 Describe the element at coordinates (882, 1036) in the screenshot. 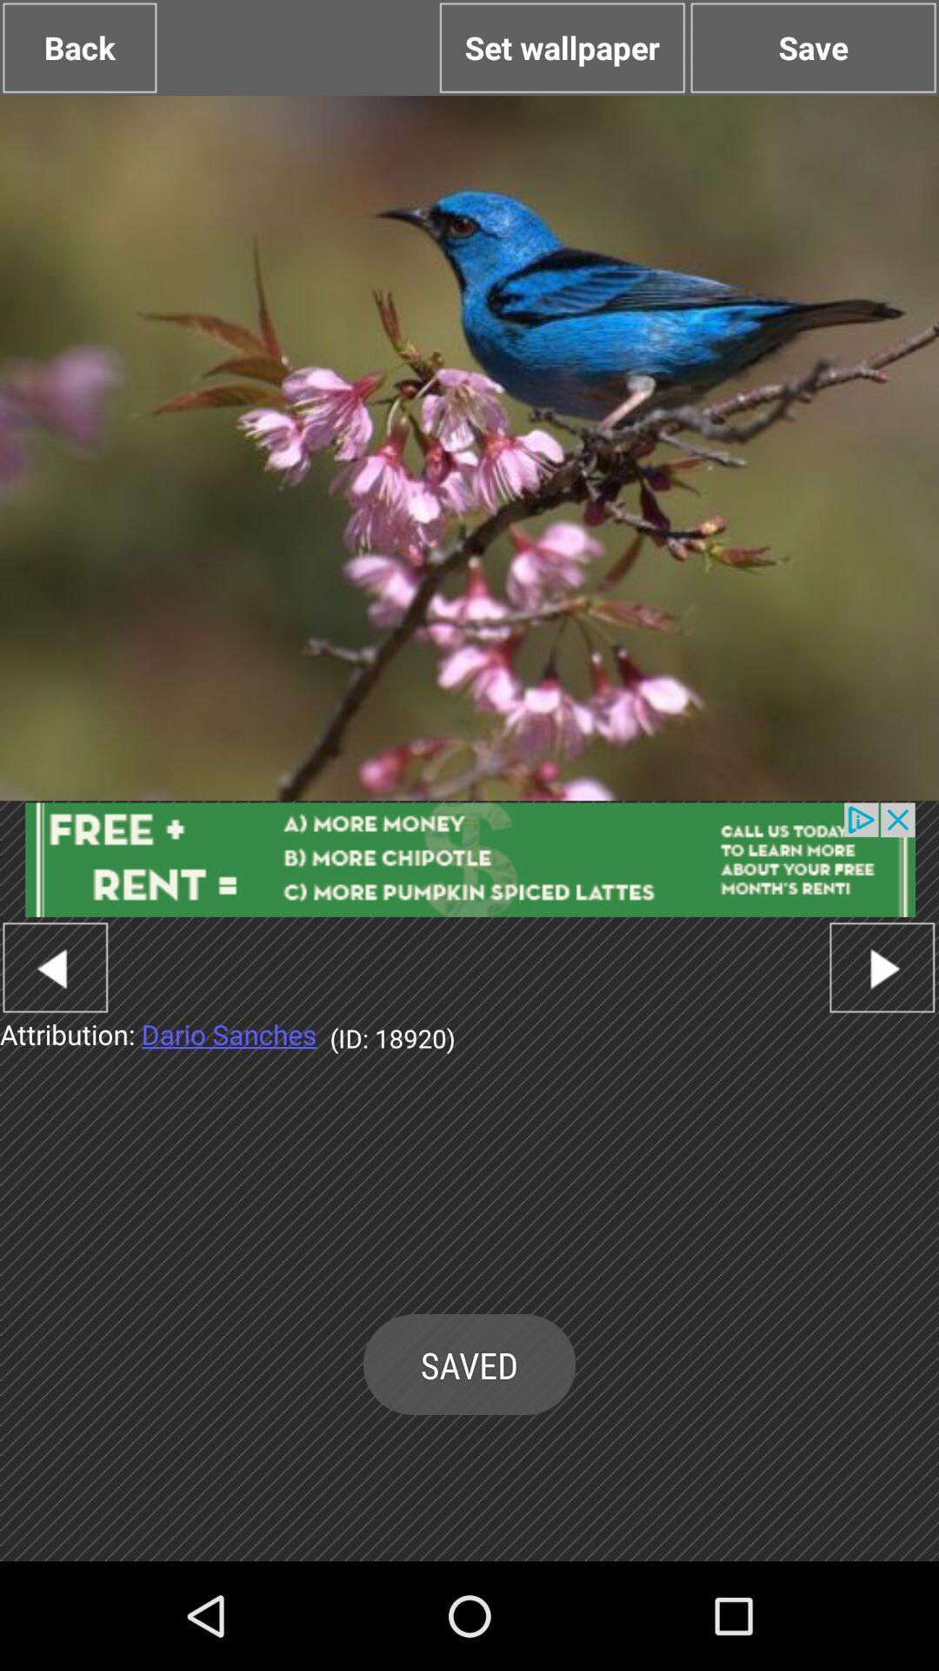

I see `the play icon` at that location.